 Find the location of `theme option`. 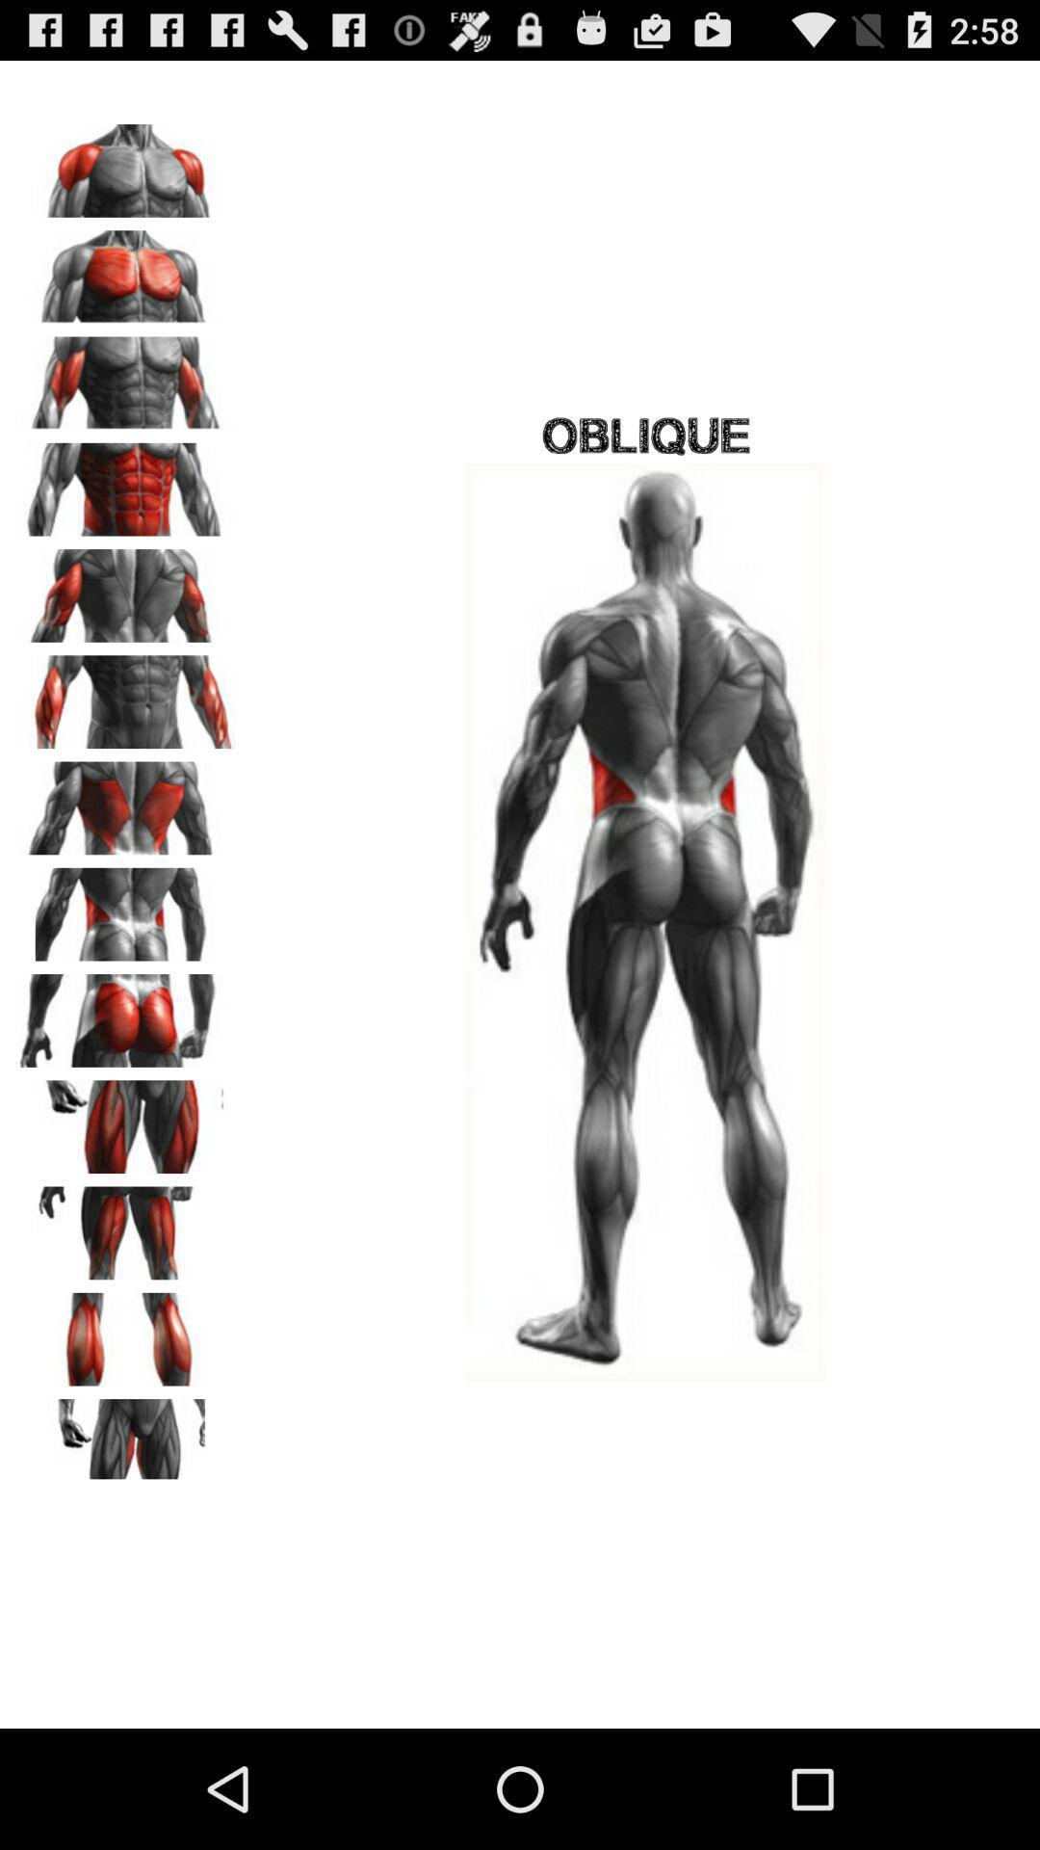

theme option is located at coordinates (126, 1332).